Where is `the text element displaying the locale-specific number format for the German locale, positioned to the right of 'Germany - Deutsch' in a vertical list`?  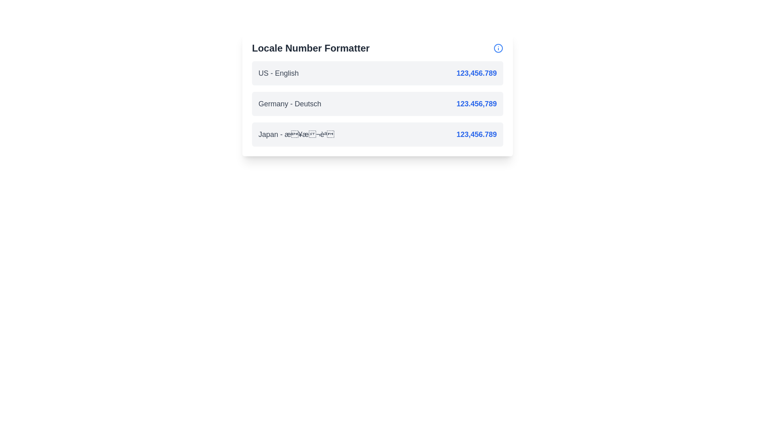 the text element displaying the locale-specific number format for the German locale, positioned to the right of 'Germany - Deutsch' in a vertical list is located at coordinates (476, 104).